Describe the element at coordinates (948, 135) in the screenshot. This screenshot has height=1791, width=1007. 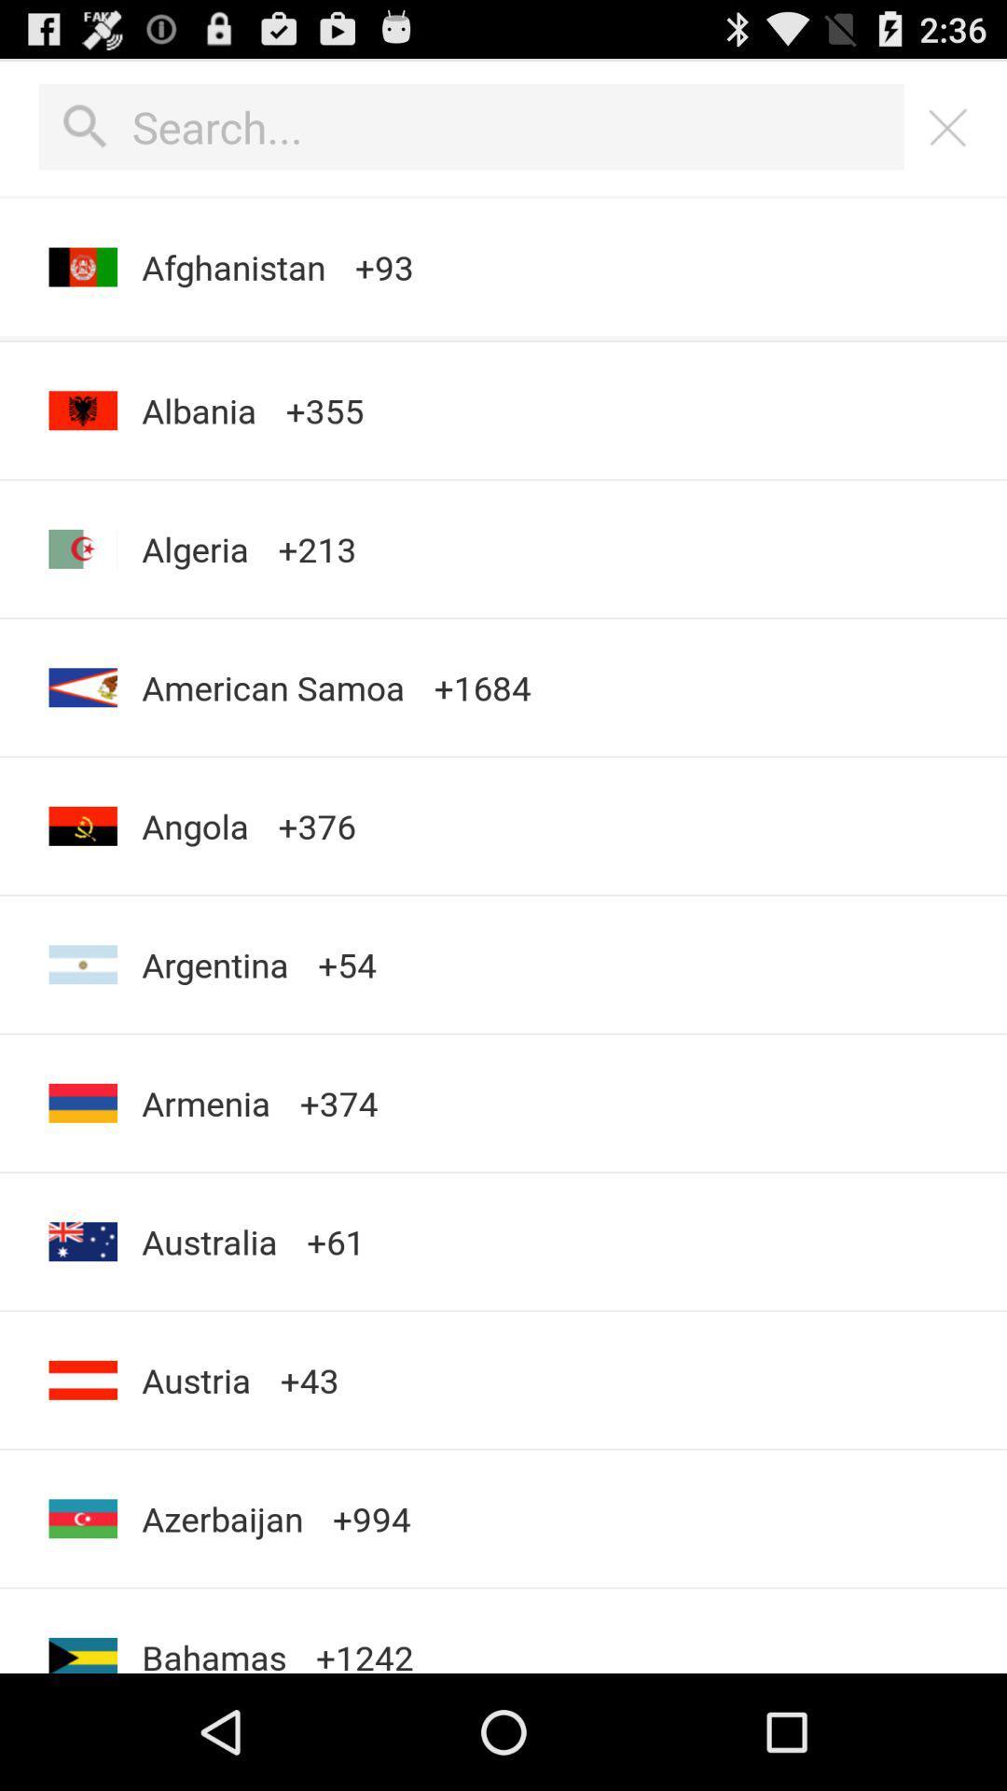
I see `the close icon` at that location.